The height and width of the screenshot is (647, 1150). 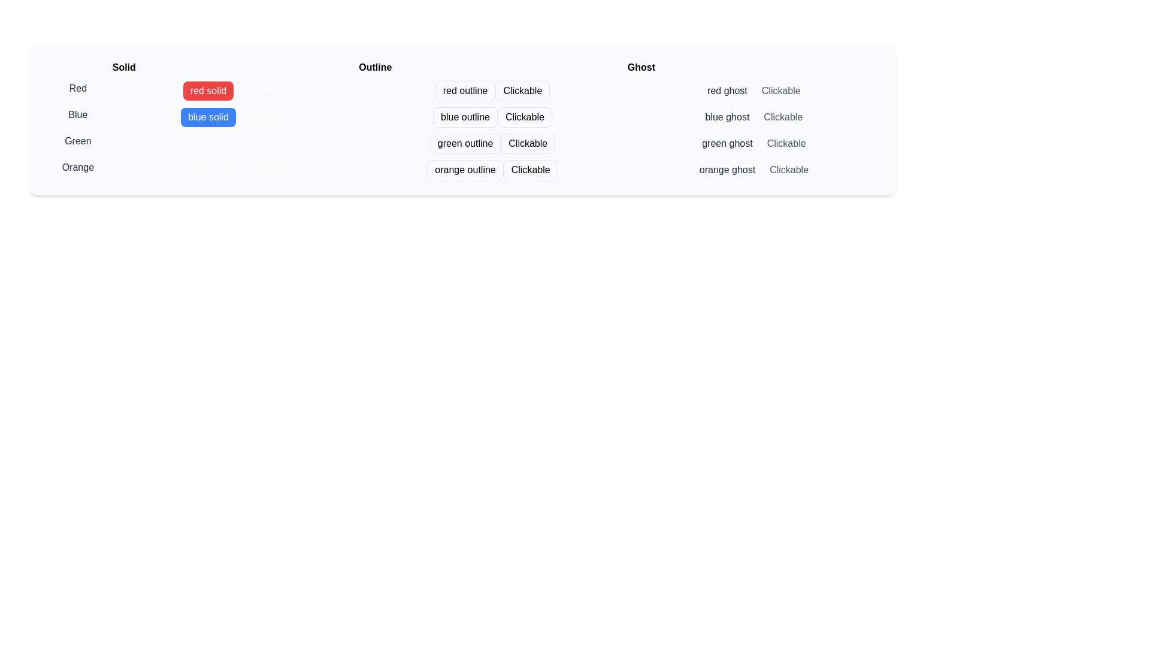 I want to click on the second button in the 'Outline' section of the interface, located to the right of the 'blue outline' button, which is currently non-interactive, so click(x=525, y=117).